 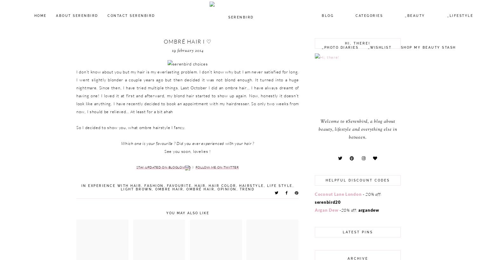 What do you see at coordinates (200, 185) in the screenshot?
I see `'hair'` at bounding box center [200, 185].